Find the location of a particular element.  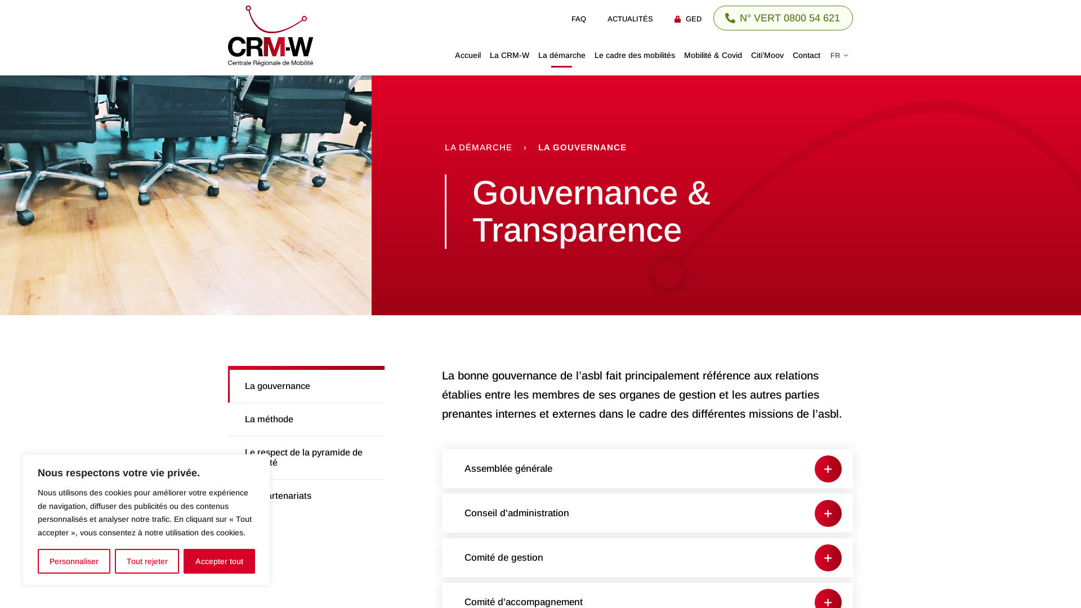

'Contact' is located at coordinates (792, 55).